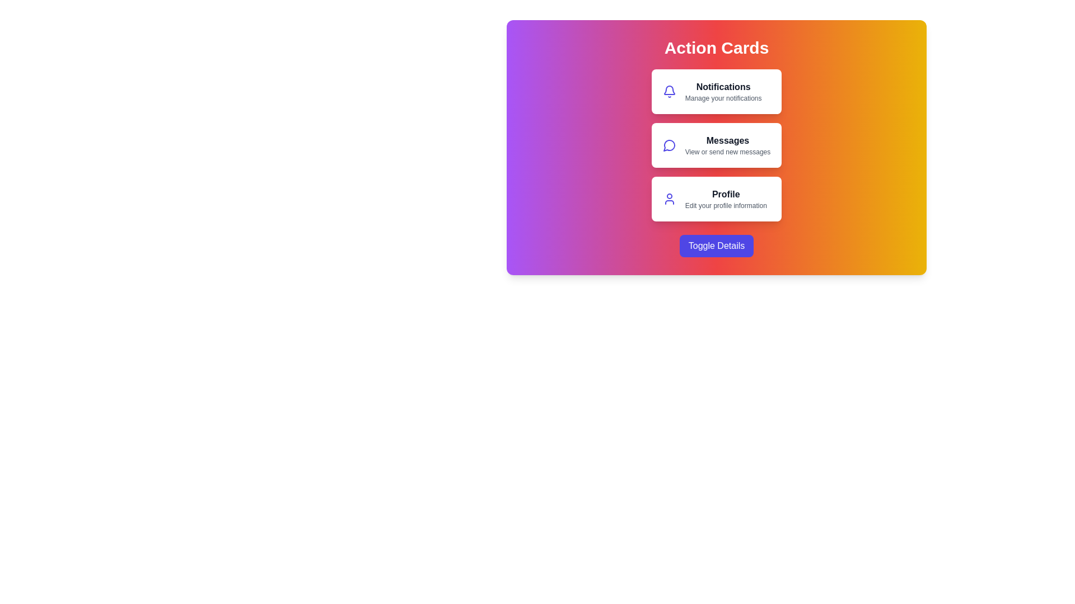  I want to click on the supplementary description text label for the 'Notifications' section, which is positioned directly below the 'Notifications' heading, so click(723, 98).